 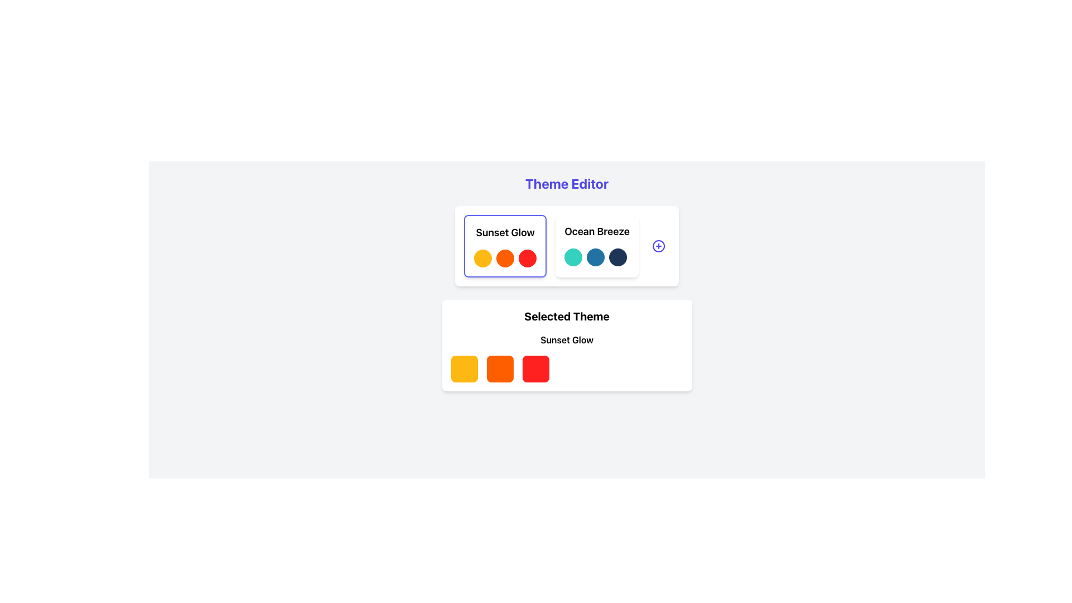 What do you see at coordinates (505, 258) in the screenshot?
I see `the second circular color swatch in the 'Sunset Glow' theme` at bounding box center [505, 258].